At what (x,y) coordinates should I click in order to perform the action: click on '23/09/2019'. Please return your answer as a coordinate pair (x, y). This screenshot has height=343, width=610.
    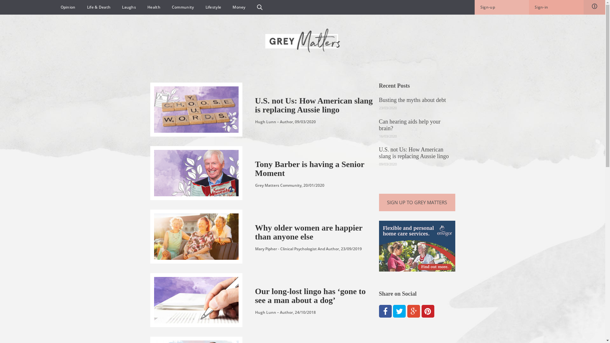
    Looking at the image, I should click on (350, 248).